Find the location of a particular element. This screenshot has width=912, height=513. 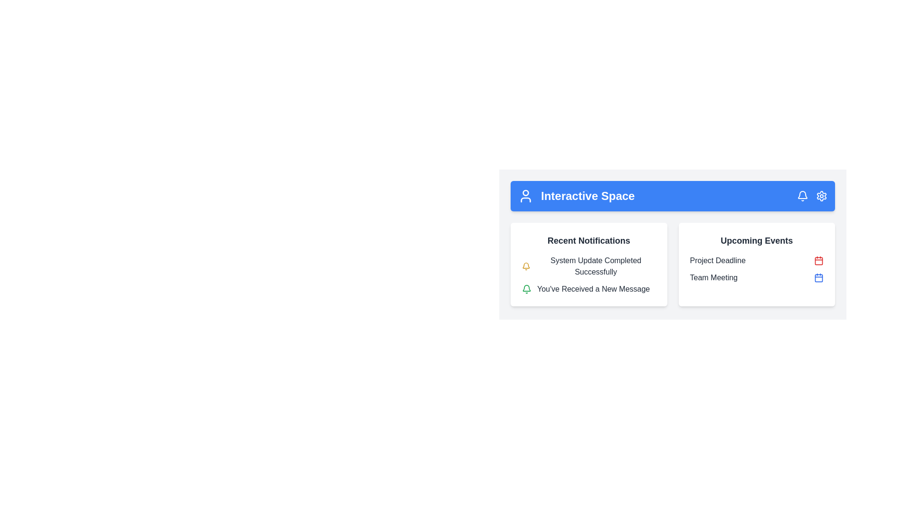

the calendar icon located in the upper right of the 'Upcoming Events' section is located at coordinates (818, 278).